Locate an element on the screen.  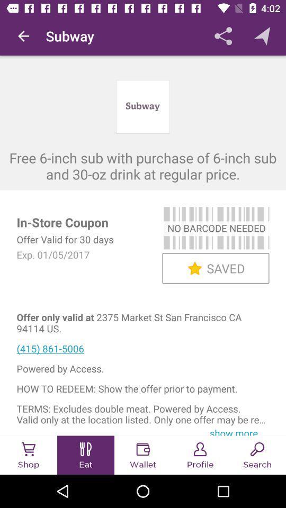
the icon below the terms excludes double is located at coordinates (237, 431).